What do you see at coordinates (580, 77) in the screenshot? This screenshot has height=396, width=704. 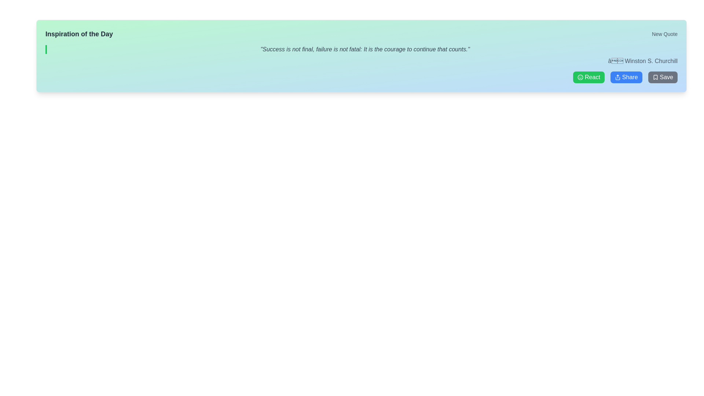 I see `the reaction icon located on the left side of the 'React' button in the toolbar` at bounding box center [580, 77].